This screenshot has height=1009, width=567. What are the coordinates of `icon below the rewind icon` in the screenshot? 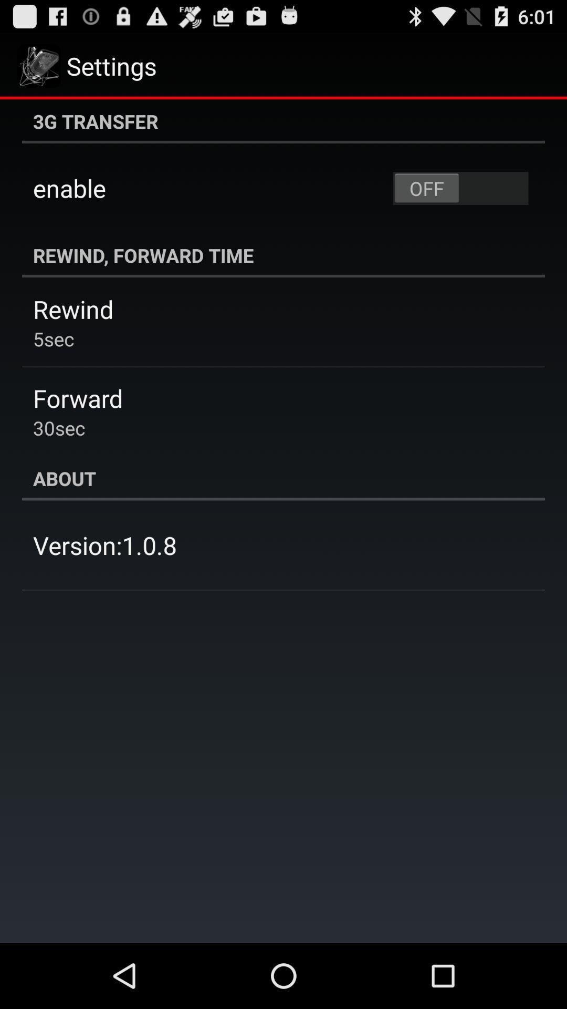 It's located at (54, 338).